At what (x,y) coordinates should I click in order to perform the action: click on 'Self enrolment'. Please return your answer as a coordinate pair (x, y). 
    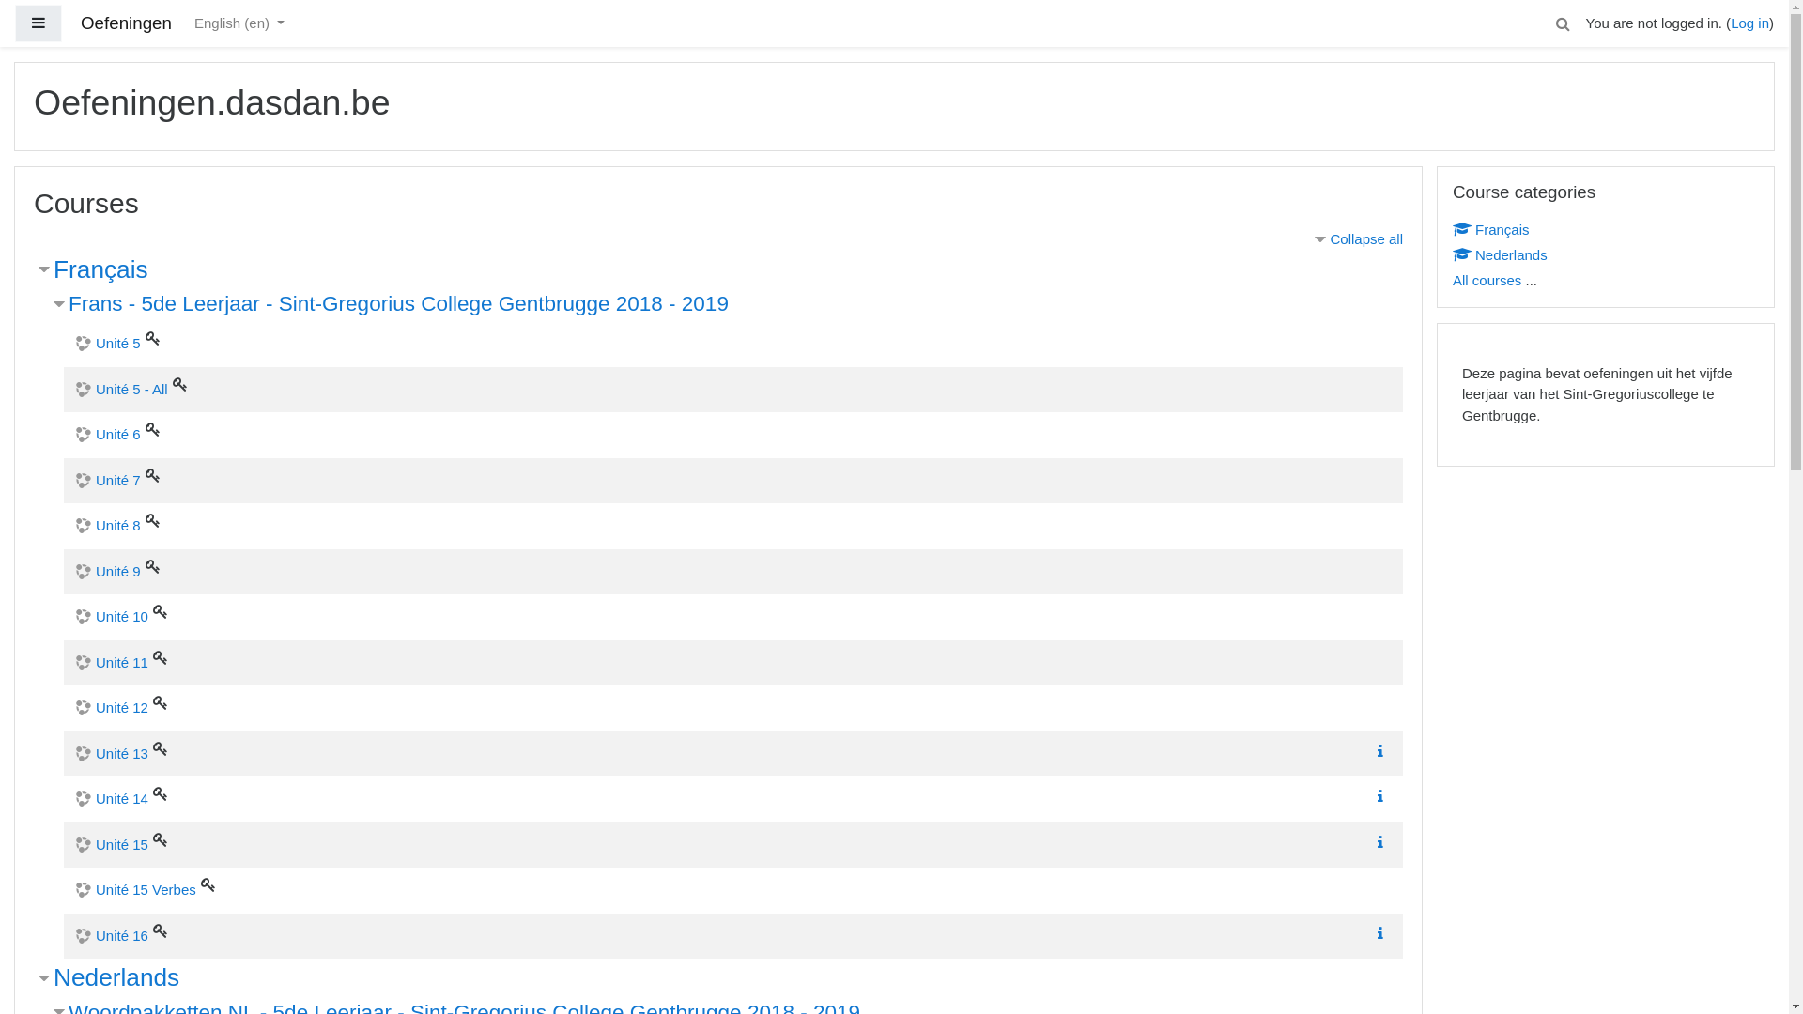
    Looking at the image, I should click on (153, 473).